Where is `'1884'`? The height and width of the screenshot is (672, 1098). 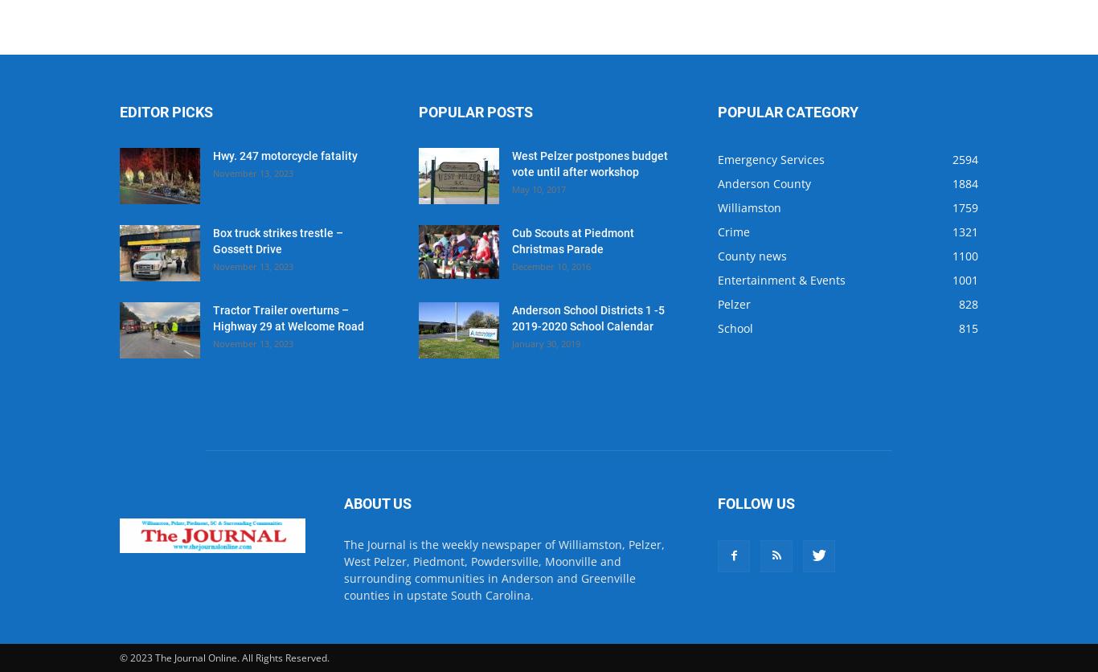 '1884' is located at coordinates (965, 183).